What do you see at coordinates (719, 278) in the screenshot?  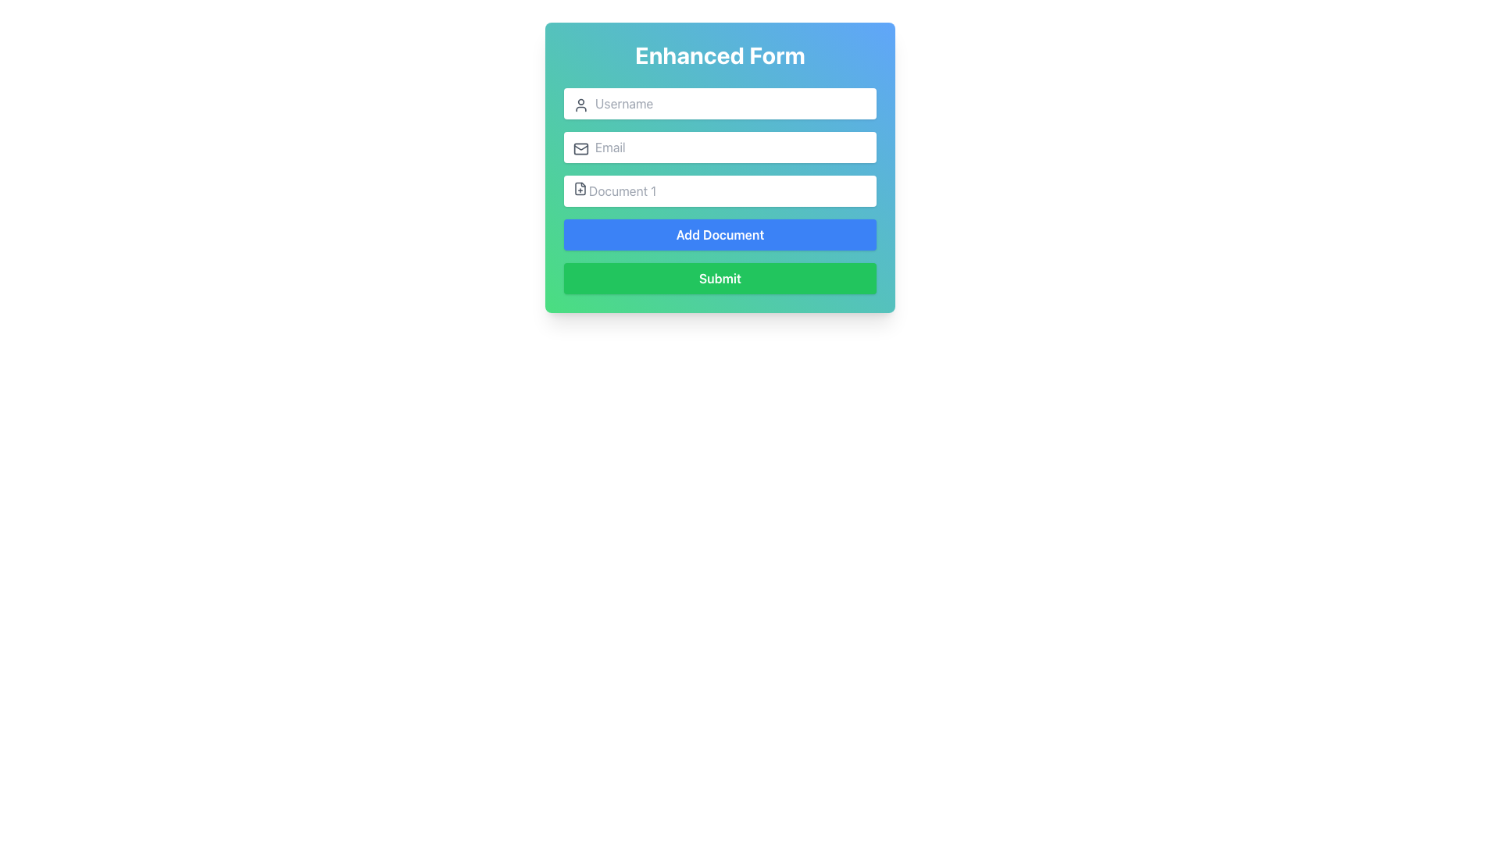 I see `the 'Submit' button with a green background and white bold text at the bottom of the form` at bounding box center [719, 278].